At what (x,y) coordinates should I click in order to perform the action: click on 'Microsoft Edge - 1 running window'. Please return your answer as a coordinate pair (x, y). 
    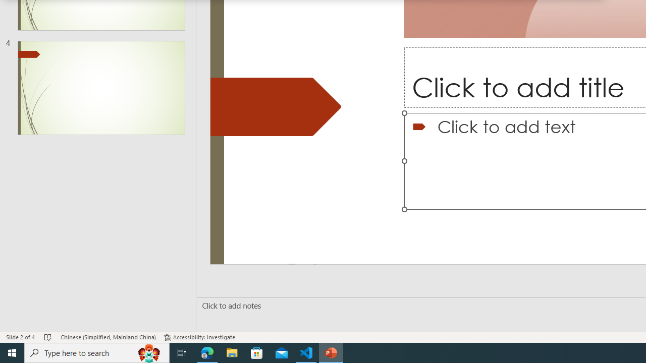
    Looking at the image, I should click on (207, 352).